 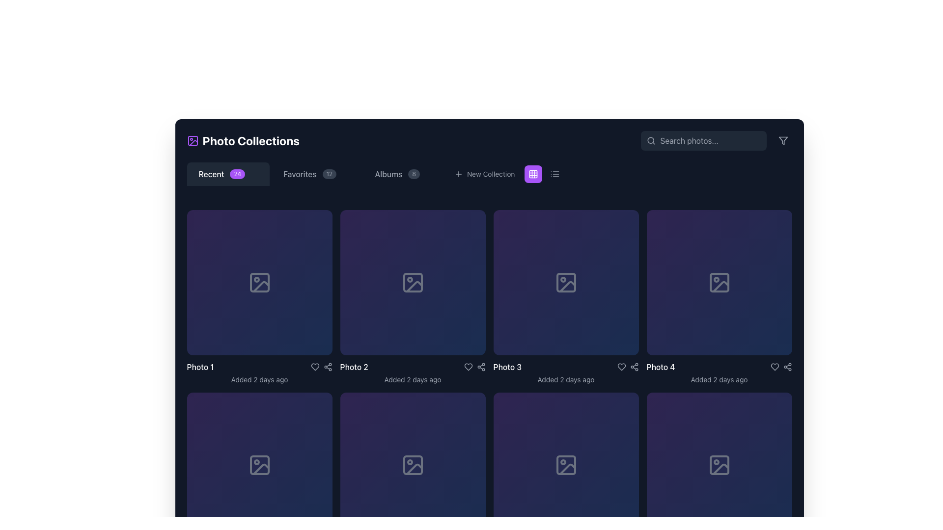 I want to click on the vibrant purple button with a 3x3 grid icon located near the top-right corner of the application layout, so click(x=533, y=173).